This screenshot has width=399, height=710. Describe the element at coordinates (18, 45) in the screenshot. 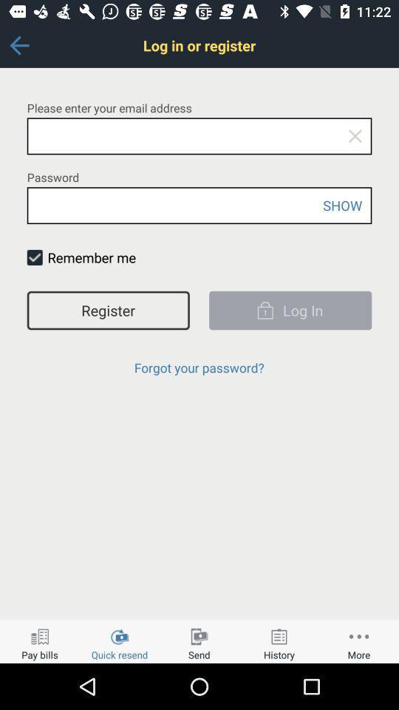

I see `icon next to the log in or icon` at that location.